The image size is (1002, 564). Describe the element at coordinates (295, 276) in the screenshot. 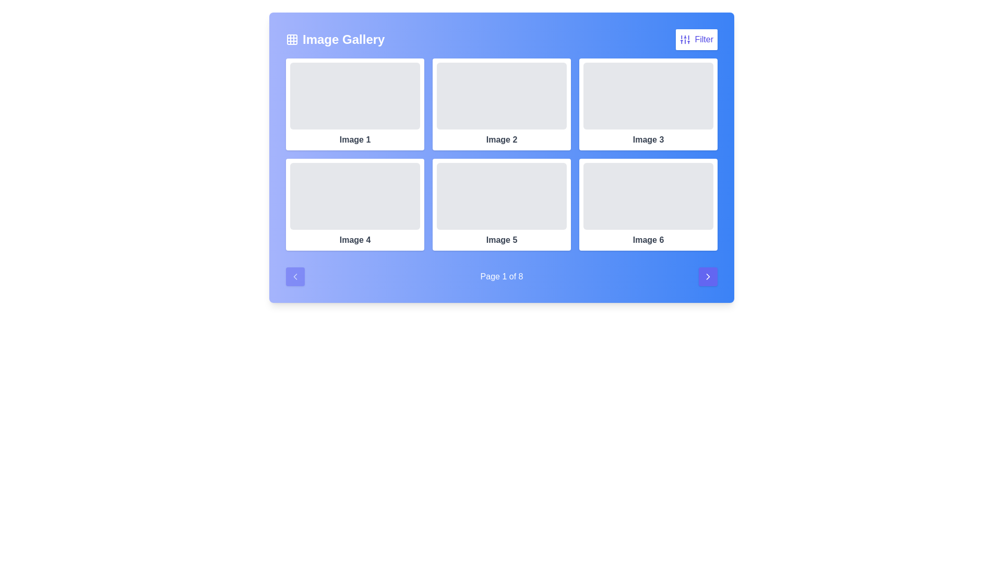

I see `the 'Previous Page' button located at the bottom-left of the pagination interface` at that location.